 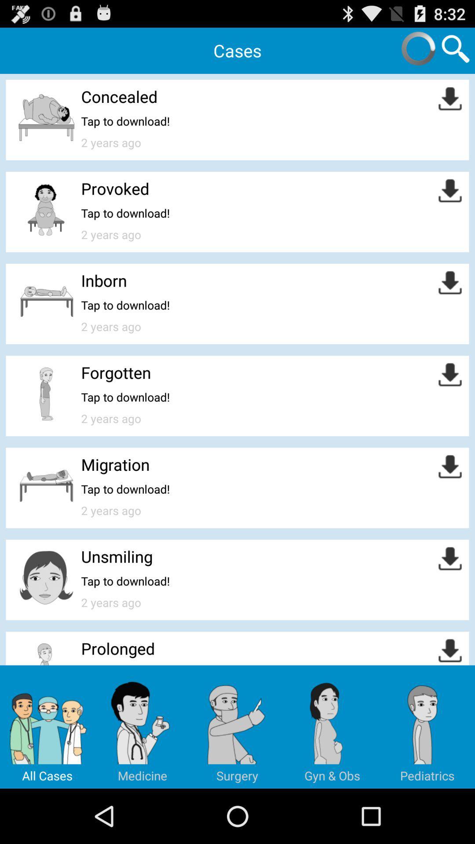 What do you see at coordinates (115, 188) in the screenshot?
I see `the icon above tap to download!` at bounding box center [115, 188].